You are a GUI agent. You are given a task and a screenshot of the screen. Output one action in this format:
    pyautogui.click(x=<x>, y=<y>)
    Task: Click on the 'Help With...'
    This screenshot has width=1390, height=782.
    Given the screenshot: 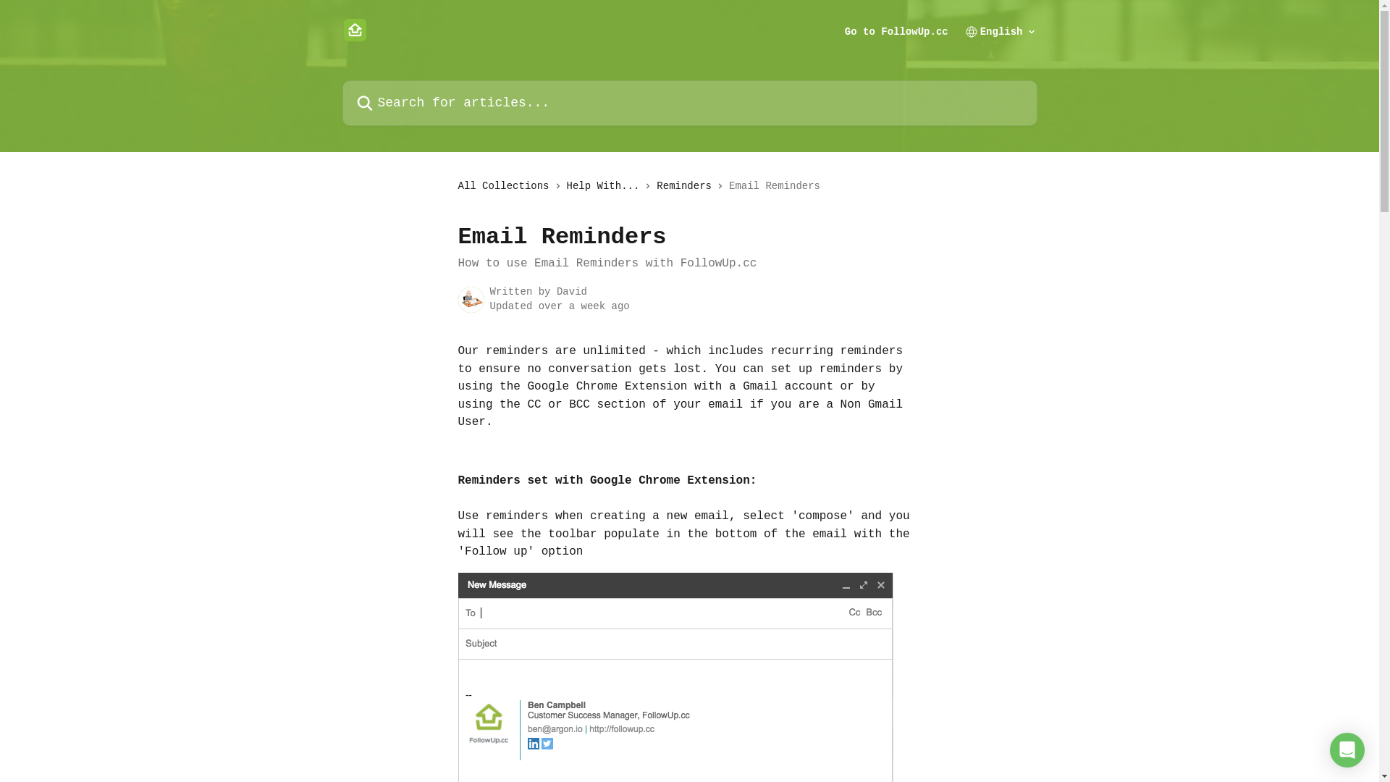 What is the action you would take?
    pyautogui.click(x=606, y=185)
    